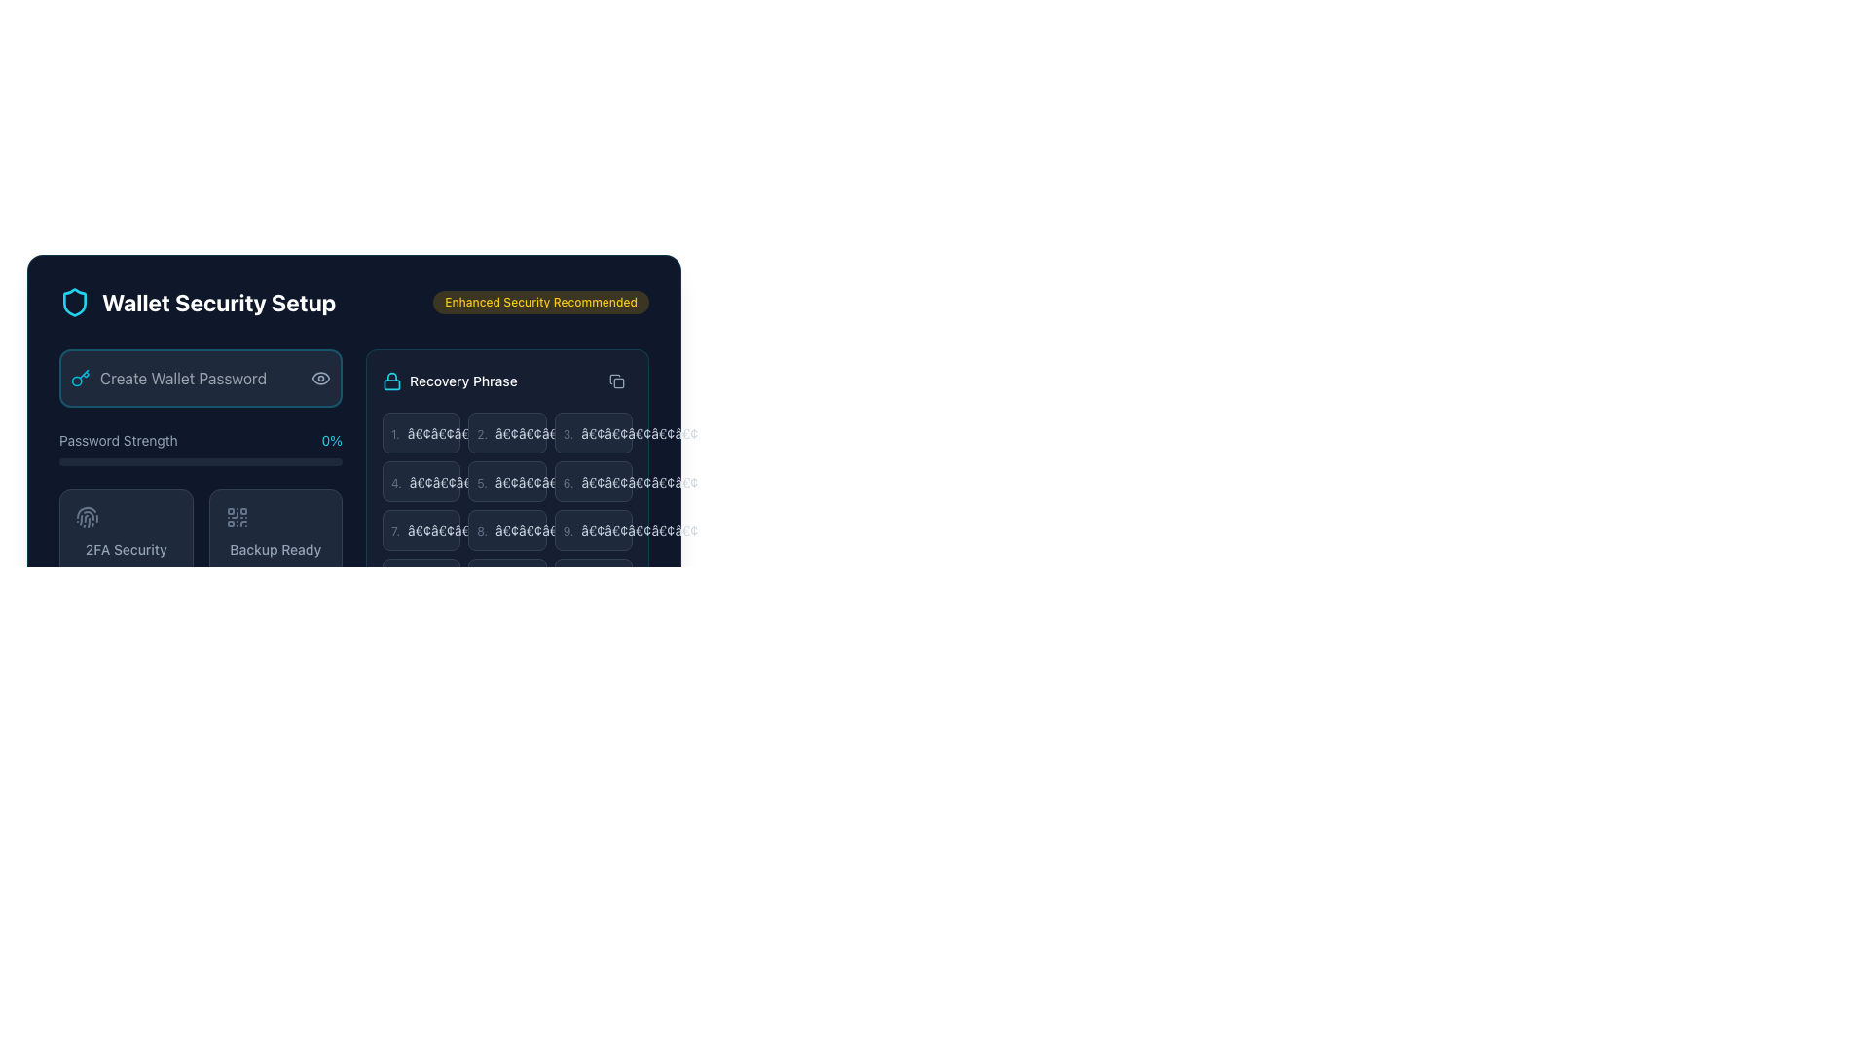 The width and height of the screenshot is (1869, 1051). I want to click on the eye icon button located on the right side of the 'Create Wallet Password' input field to trigger related styling changes, so click(321, 379).